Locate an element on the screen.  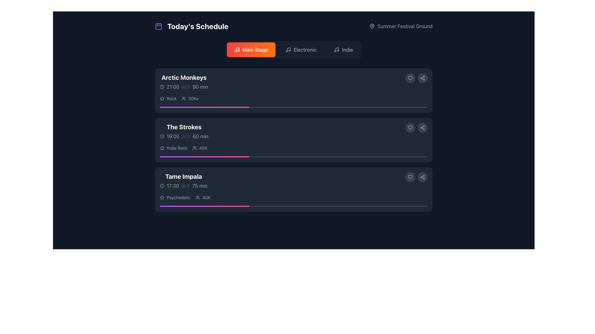
the 'Electronic' button with a music note icon, which is the second button in a row of three located below the title 'Today's Schedule' is located at coordinates (293, 49).